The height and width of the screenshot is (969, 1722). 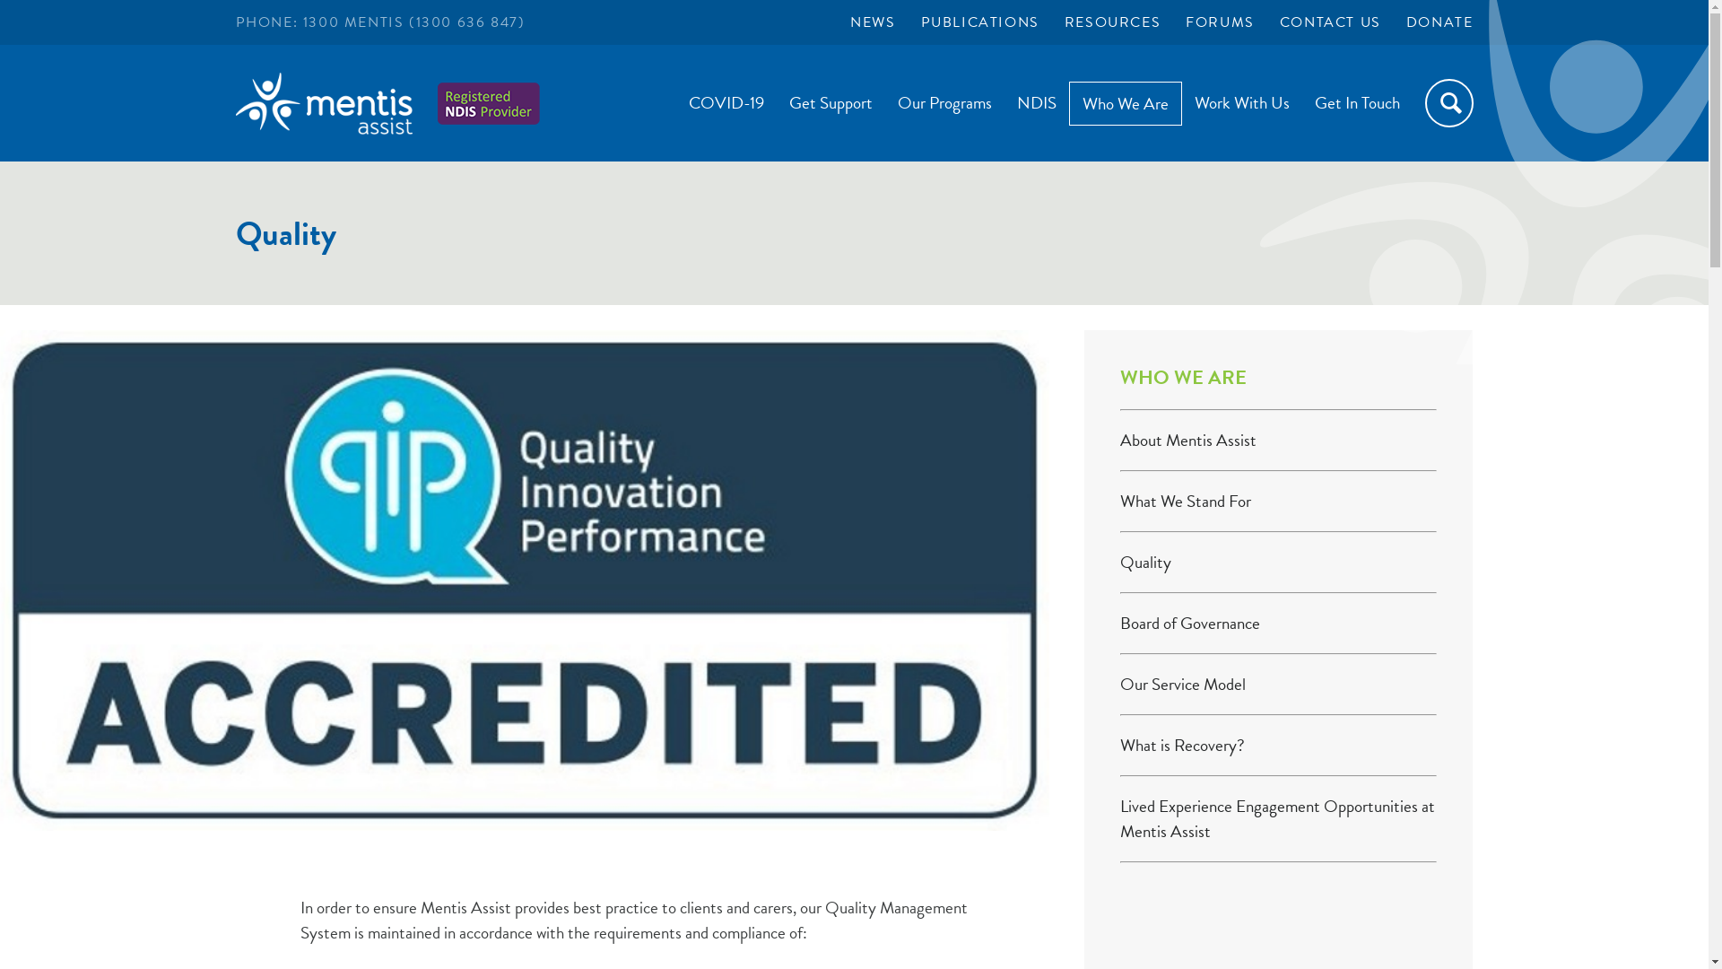 What do you see at coordinates (1187, 440) in the screenshot?
I see `'About Mentis Assist'` at bounding box center [1187, 440].